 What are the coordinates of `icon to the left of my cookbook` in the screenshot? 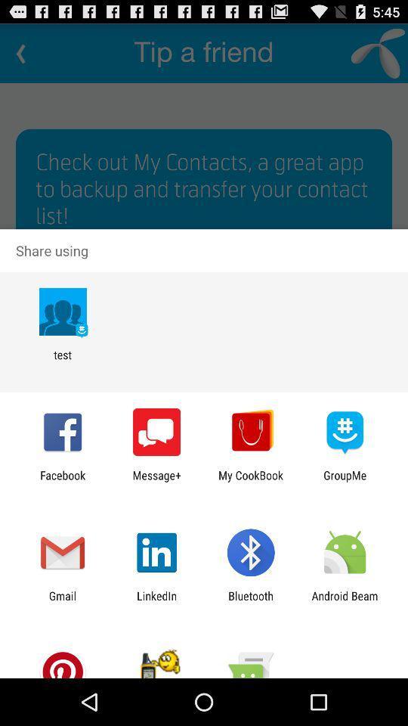 It's located at (156, 481).